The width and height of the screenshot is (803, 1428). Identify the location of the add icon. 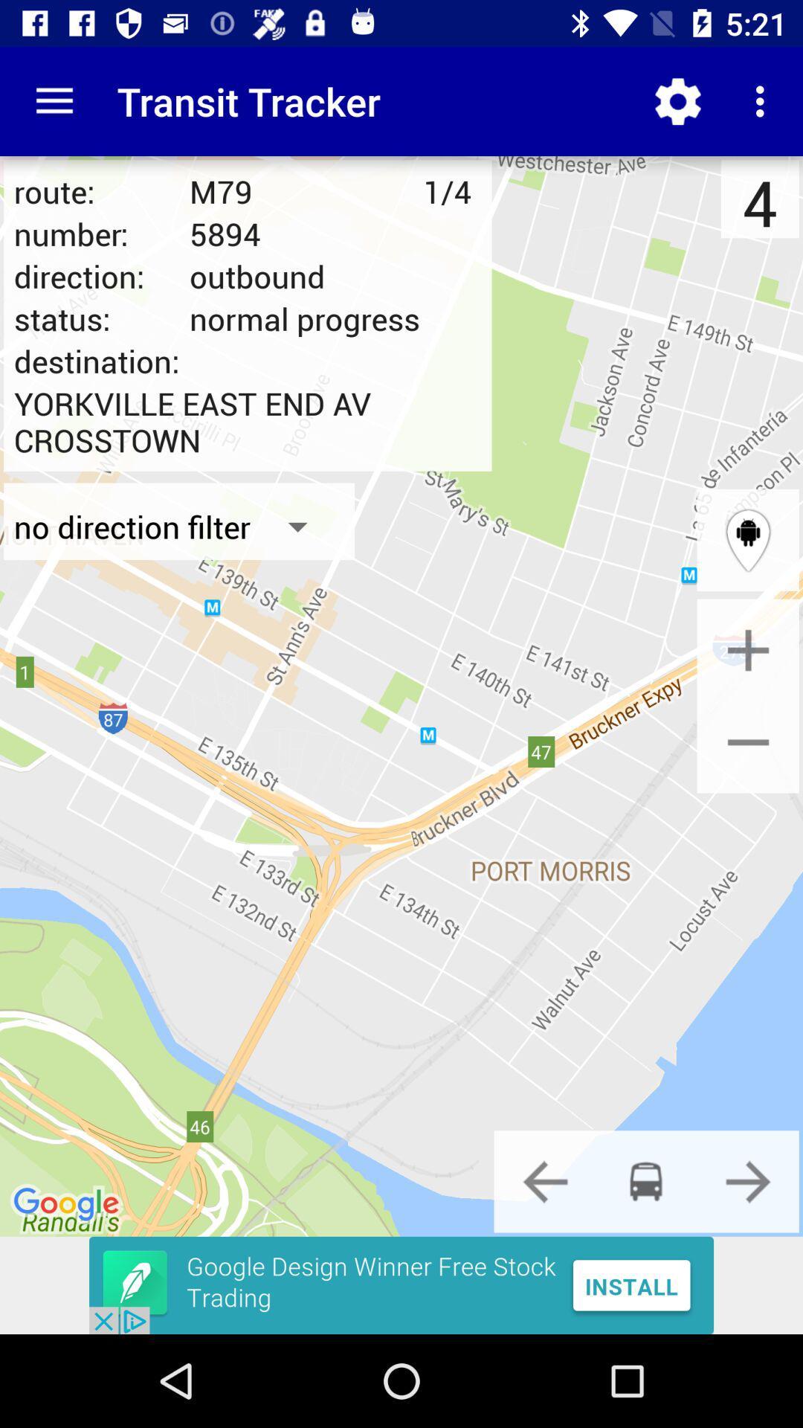
(748, 650).